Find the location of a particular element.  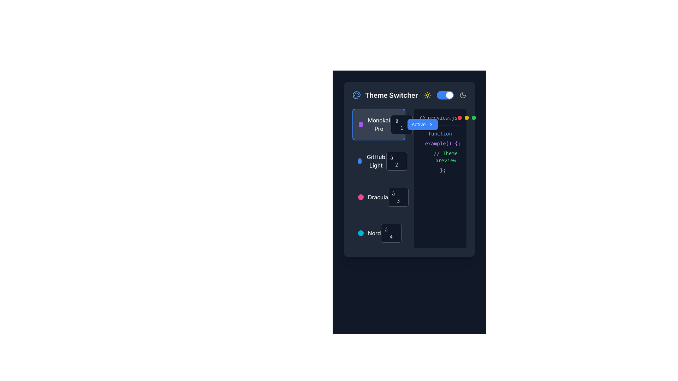

the selectable list item labeled 'Dracula' with a pink circular icon and a red background is located at coordinates (373, 197).